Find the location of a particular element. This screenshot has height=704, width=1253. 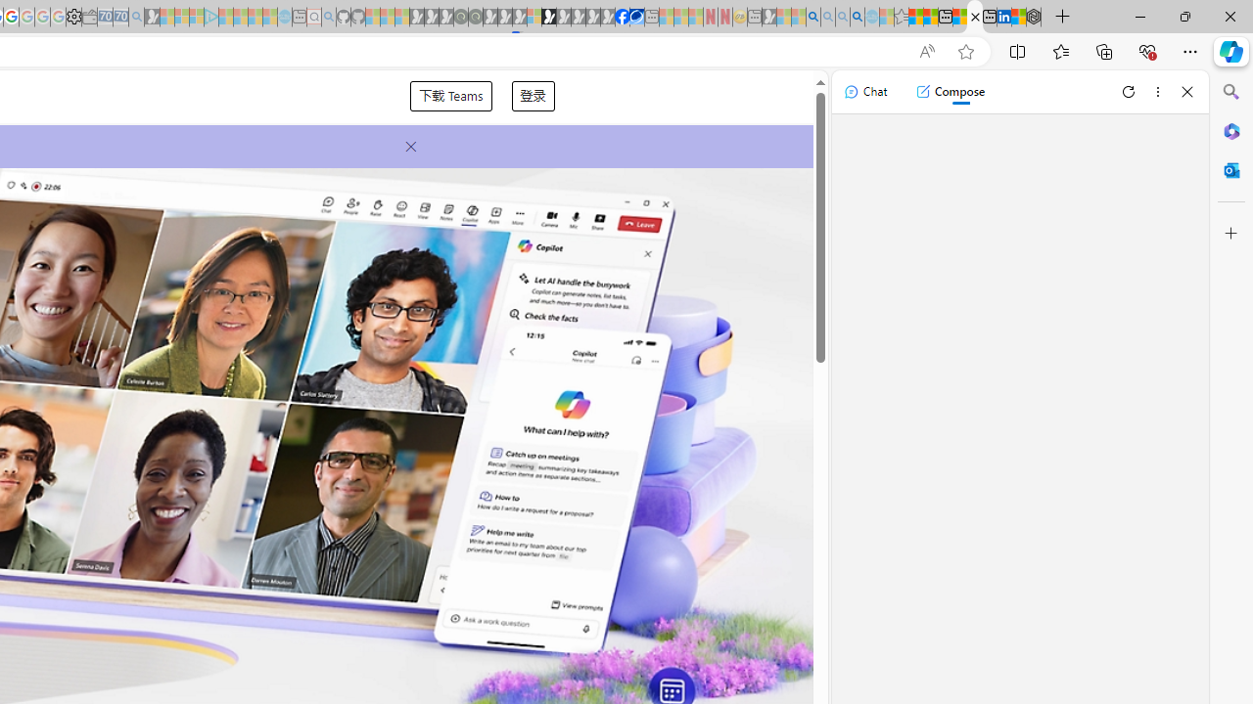

'Close Announcement Banner' is located at coordinates (404, 146).